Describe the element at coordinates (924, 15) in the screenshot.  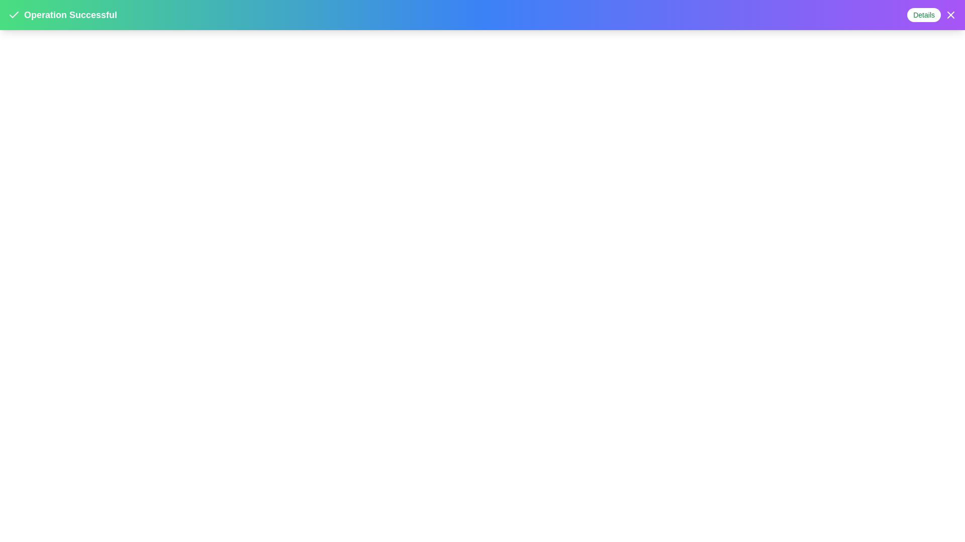
I see `the button located in the top-right corner of the interface, positioned next to an 'X' icon` at that location.